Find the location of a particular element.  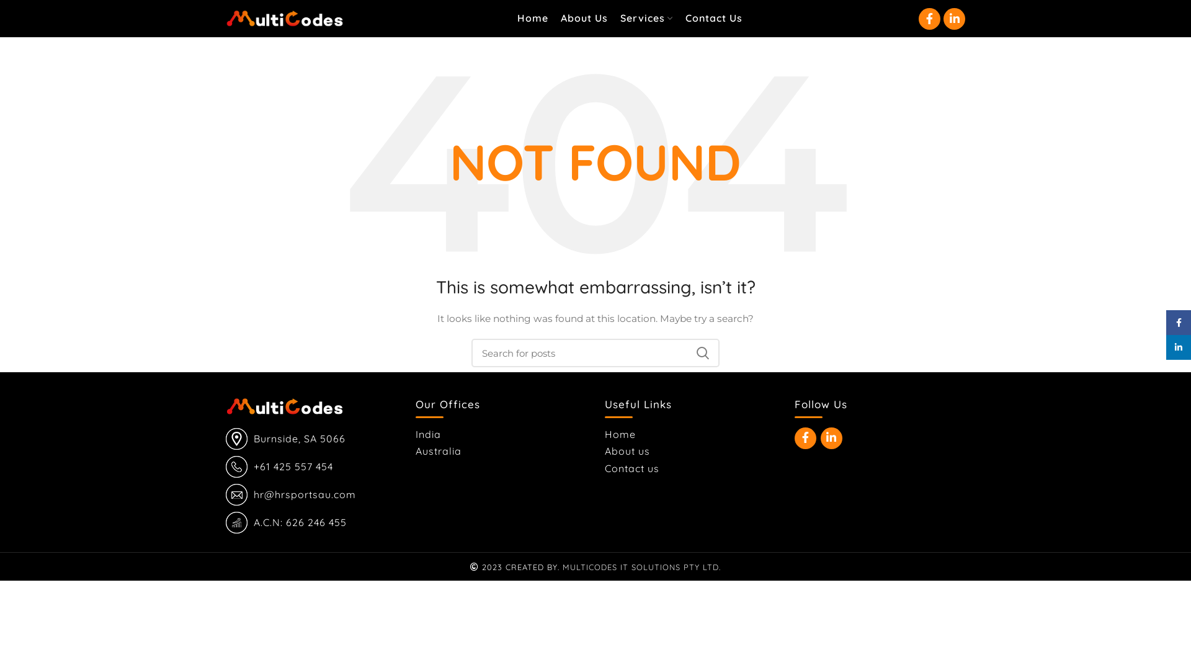

'call' is located at coordinates (226, 467).